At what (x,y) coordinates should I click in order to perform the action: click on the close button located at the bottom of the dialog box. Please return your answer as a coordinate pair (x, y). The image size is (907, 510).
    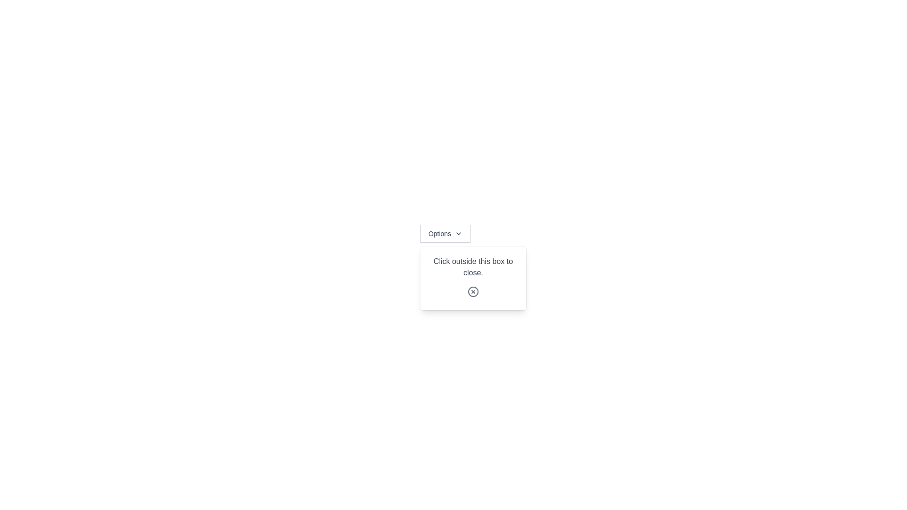
    Looking at the image, I should click on (473, 291).